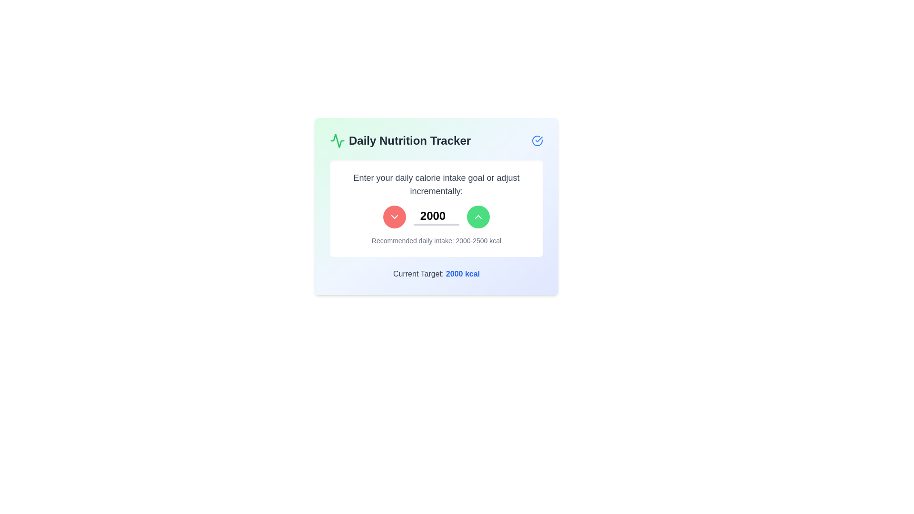 The width and height of the screenshot is (914, 514). Describe the element at coordinates (539, 139) in the screenshot. I see `the checkmark icon that indicates a successful action or confirmation, located in the upper-right side of the main card-like UI element` at that location.